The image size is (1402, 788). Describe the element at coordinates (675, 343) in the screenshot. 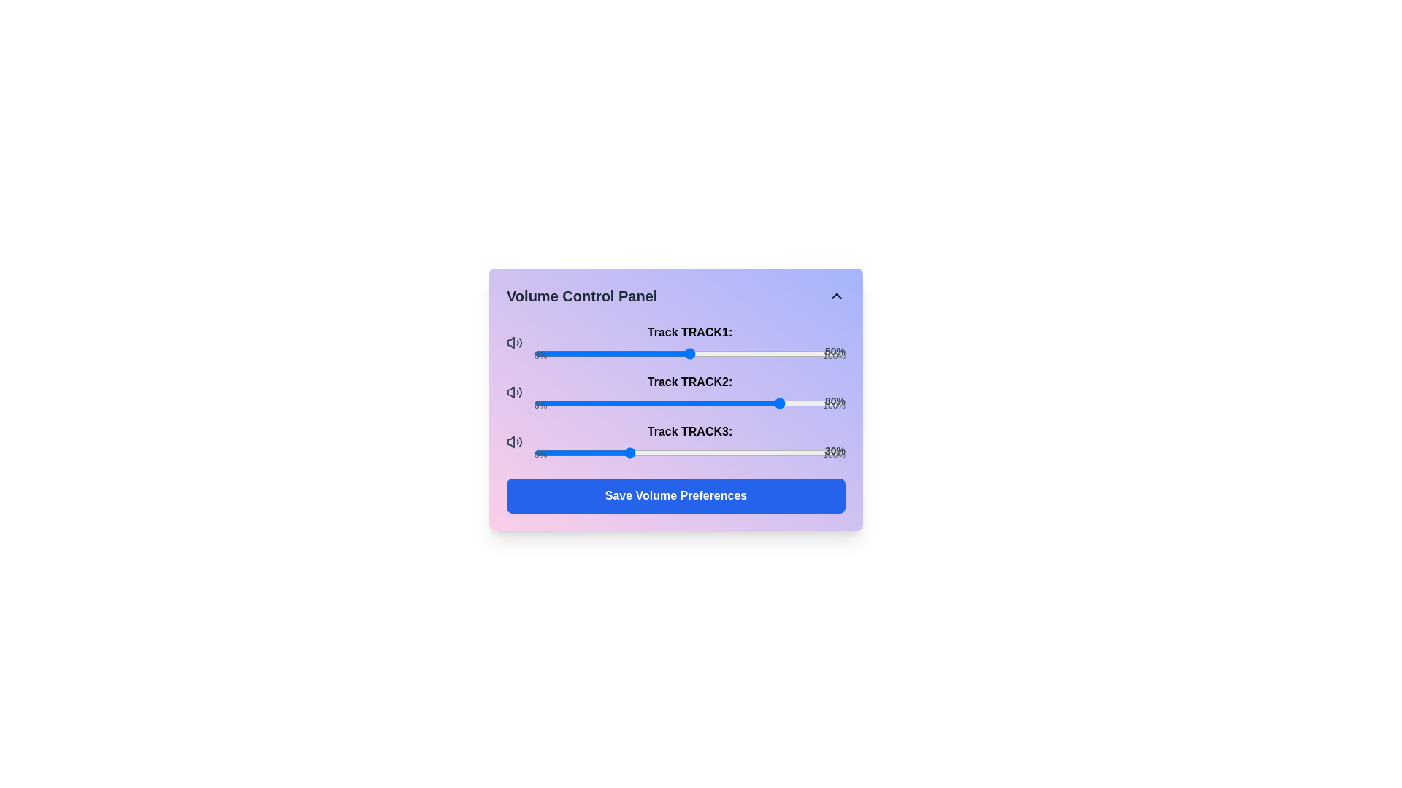

I see `the handle of the first volume slider for 'Track TRACK1'` at that location.